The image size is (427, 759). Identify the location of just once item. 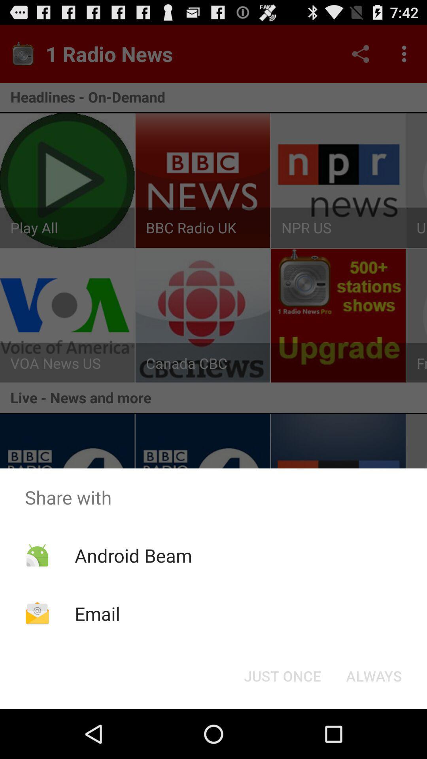
(282, 675).